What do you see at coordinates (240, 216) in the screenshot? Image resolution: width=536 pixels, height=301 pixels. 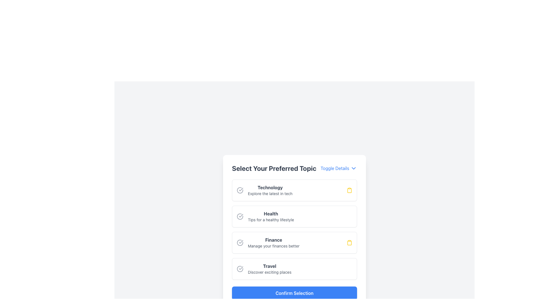 I see `the checkbox icon representing the selection status of the 'Health' topic` at bounding box center [240, 216].